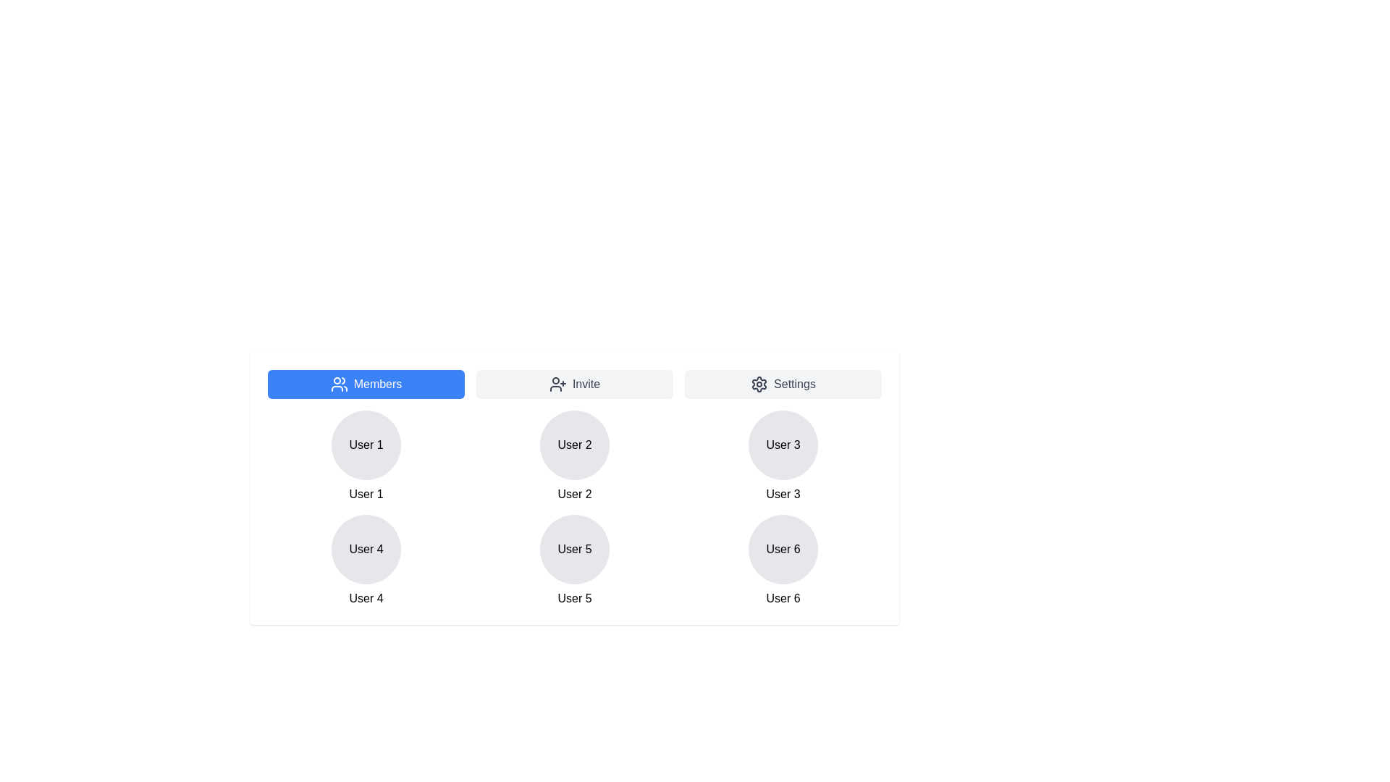 The image size is (1390, 782). What do you see at coordinates (782, 384) in the screenshot?
I see `the 'Settings' button, which is a rectangular clickable button with the text 'Settings' and a cogwheel icon, located at the bottom right of the interface` at bounding box center [782, 384].